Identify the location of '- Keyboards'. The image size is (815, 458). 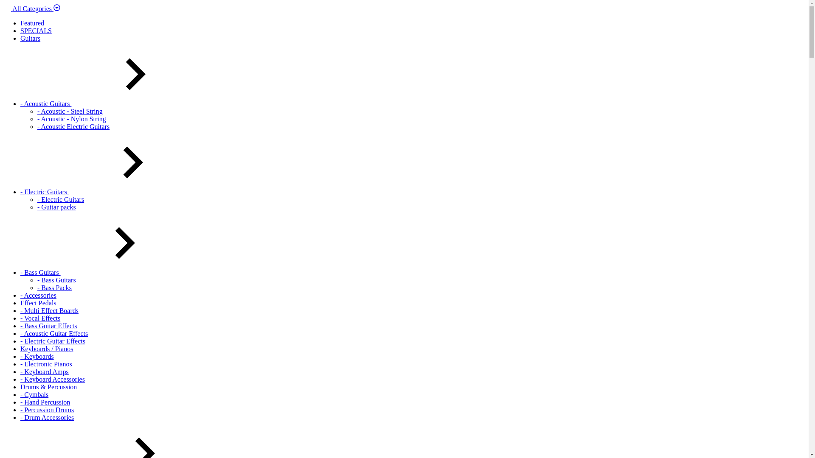
(37, 356).